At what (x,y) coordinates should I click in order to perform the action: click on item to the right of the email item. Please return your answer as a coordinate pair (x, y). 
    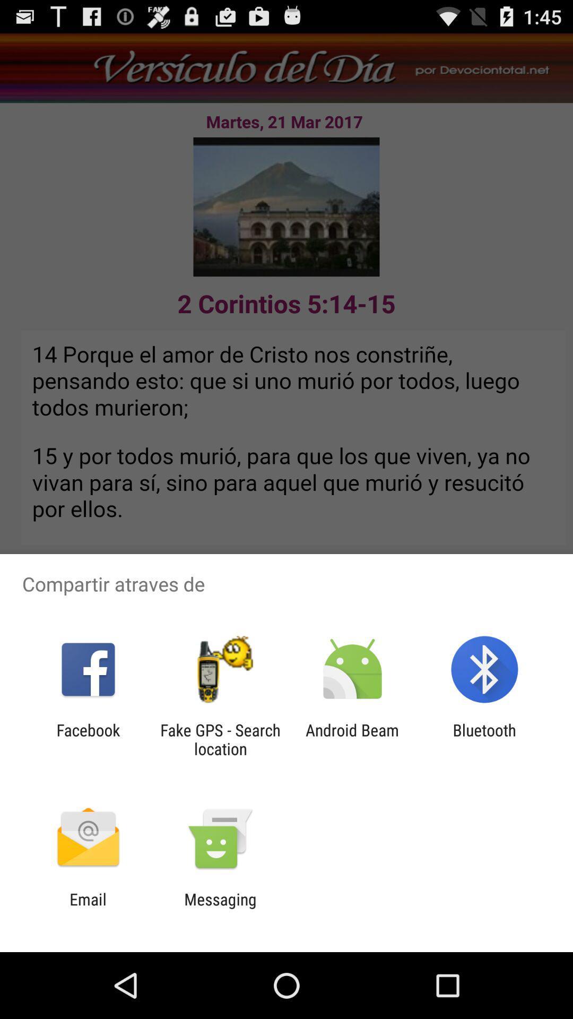
    Looking at the image, I should click on (220, 908).